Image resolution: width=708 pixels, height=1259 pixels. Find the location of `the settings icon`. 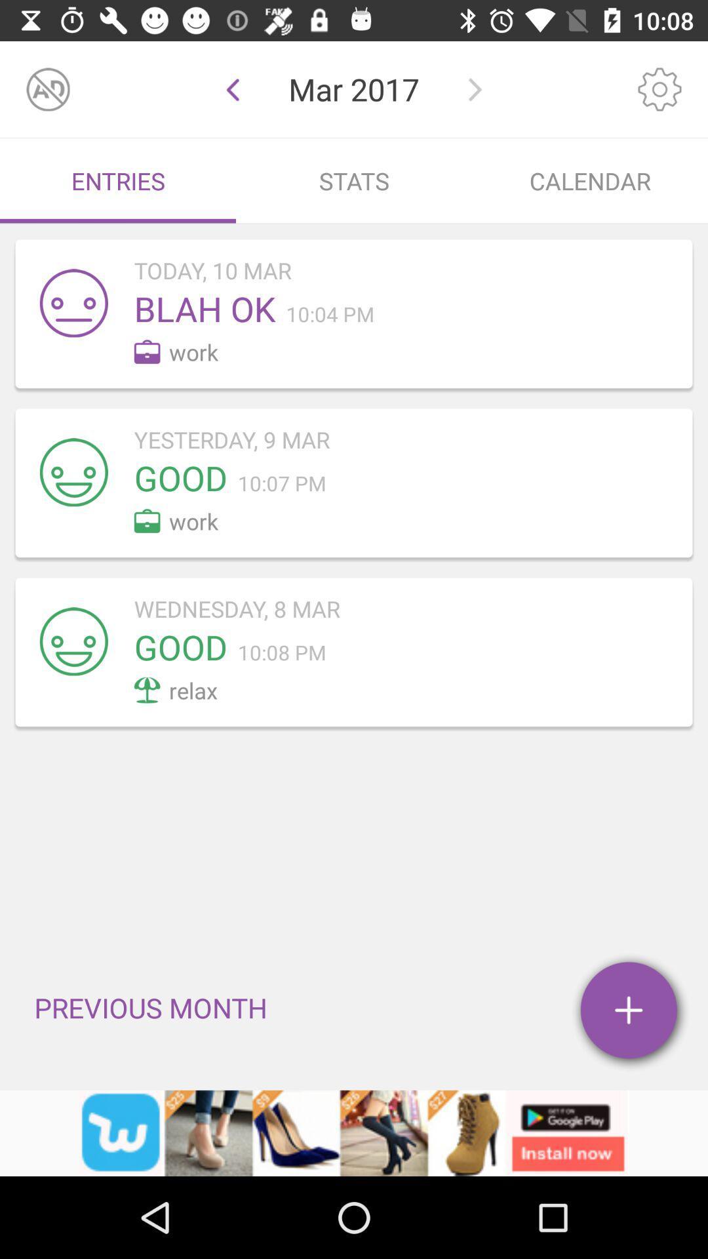

the settings icon is located at coordinates (659, 89).